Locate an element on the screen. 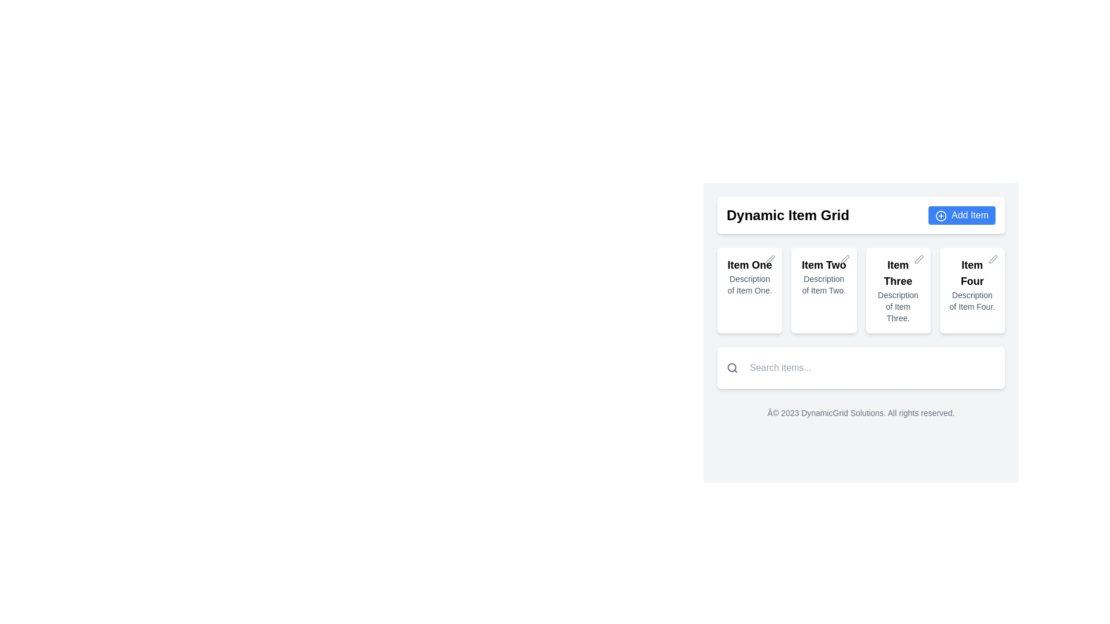 The height and width of the screenshot is (624, 1110). the edit icon button located at the top-right corner of the 'Item Three' card to initiate the editing interface is located at coordinates (918, 258).